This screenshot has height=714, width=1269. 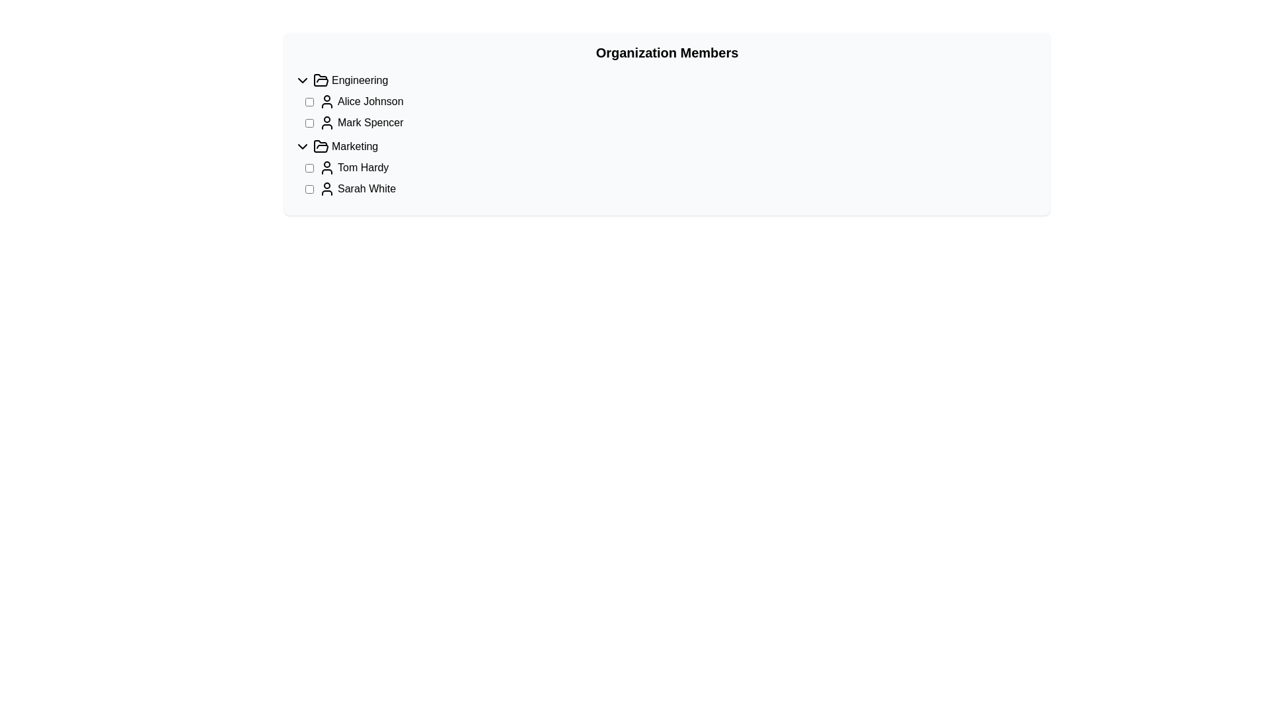 What do you see at coordinates (301, 81) in the screenshot?
I see `the toggle button (icon-based control)` at bounding box center [301, 81].